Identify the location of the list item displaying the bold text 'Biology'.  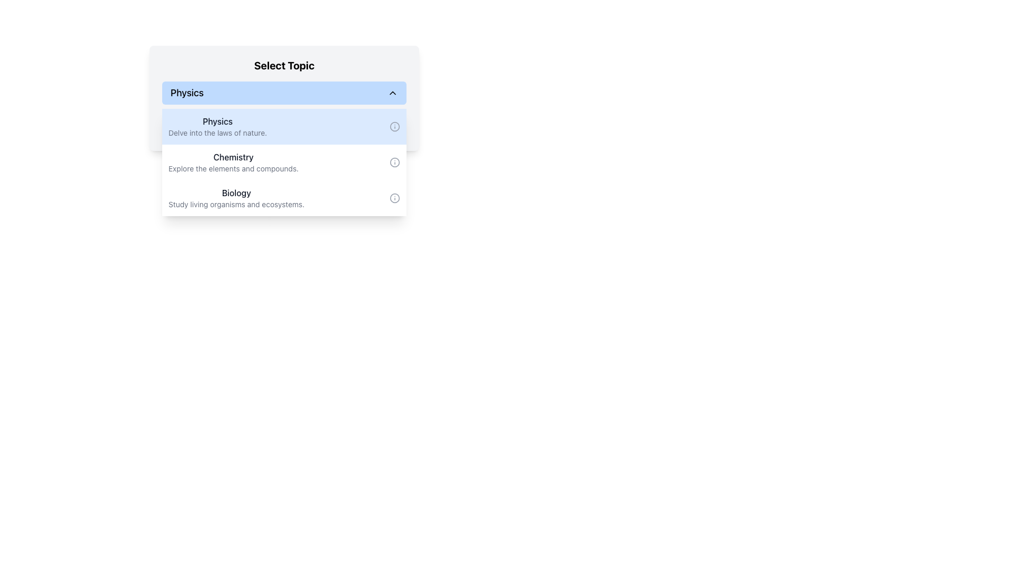
(236, 198).